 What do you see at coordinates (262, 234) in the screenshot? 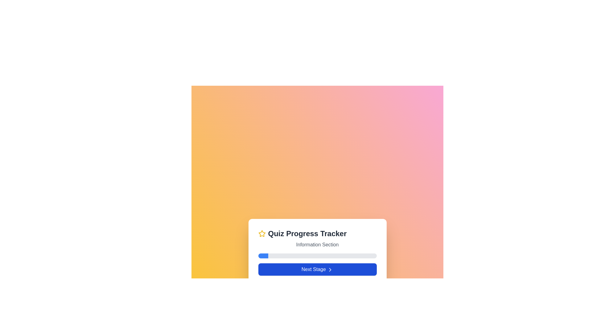
I see `the decorative star icon positioned at the top-left of the 'Quiz Progress Tracker' card, which emphasizes the purpose of the card` at bounding box center [262, 234].